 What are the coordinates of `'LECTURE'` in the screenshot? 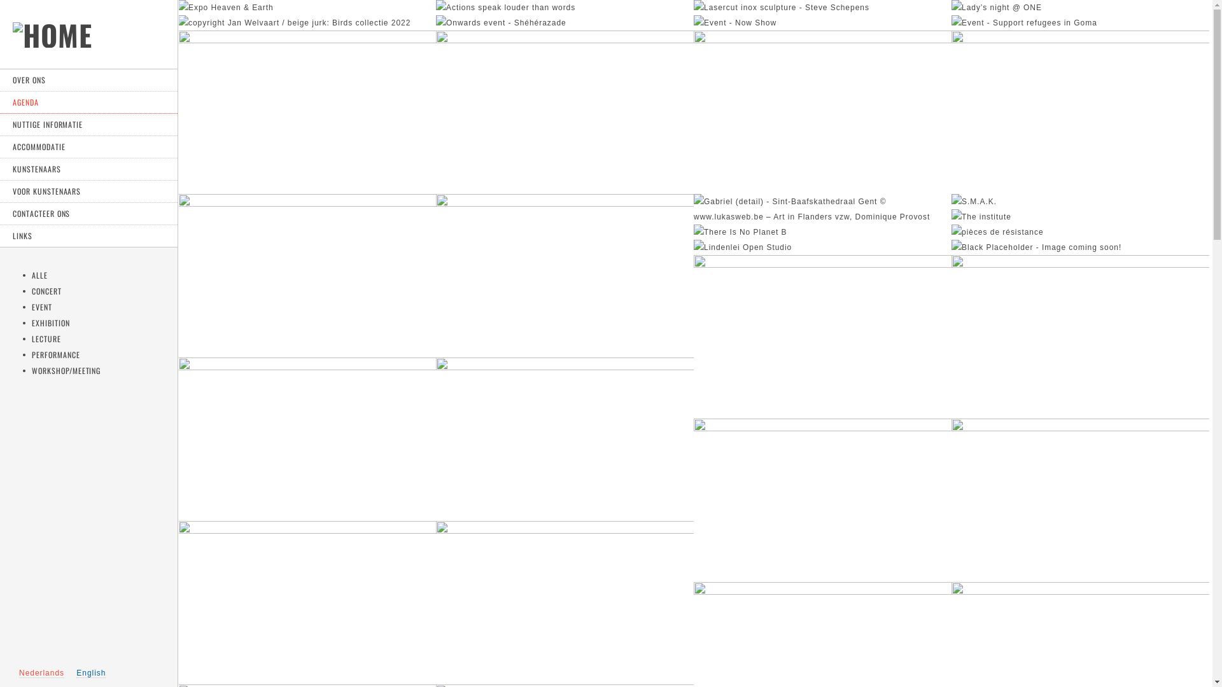 It's located at (46, 338).